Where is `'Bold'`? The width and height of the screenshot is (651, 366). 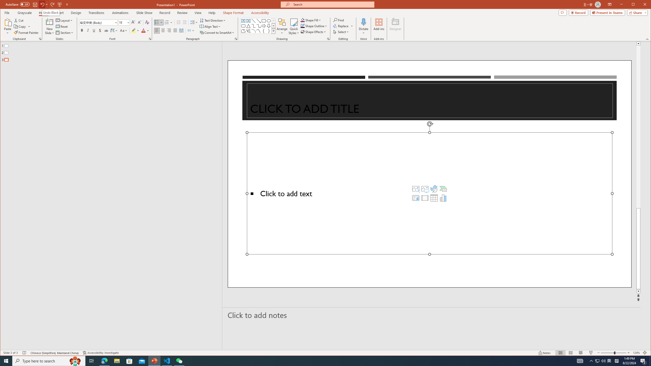
'Bold' is located at coordinates (82, 30).